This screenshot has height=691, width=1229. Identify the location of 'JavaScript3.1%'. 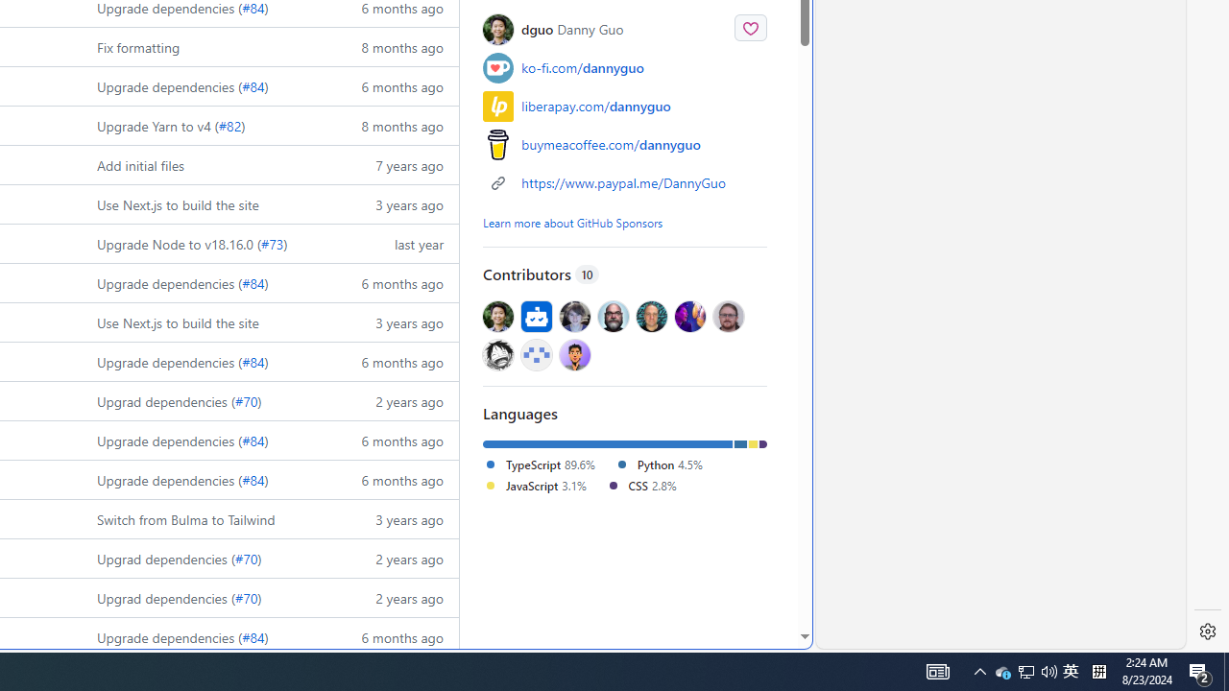
(543, 485).